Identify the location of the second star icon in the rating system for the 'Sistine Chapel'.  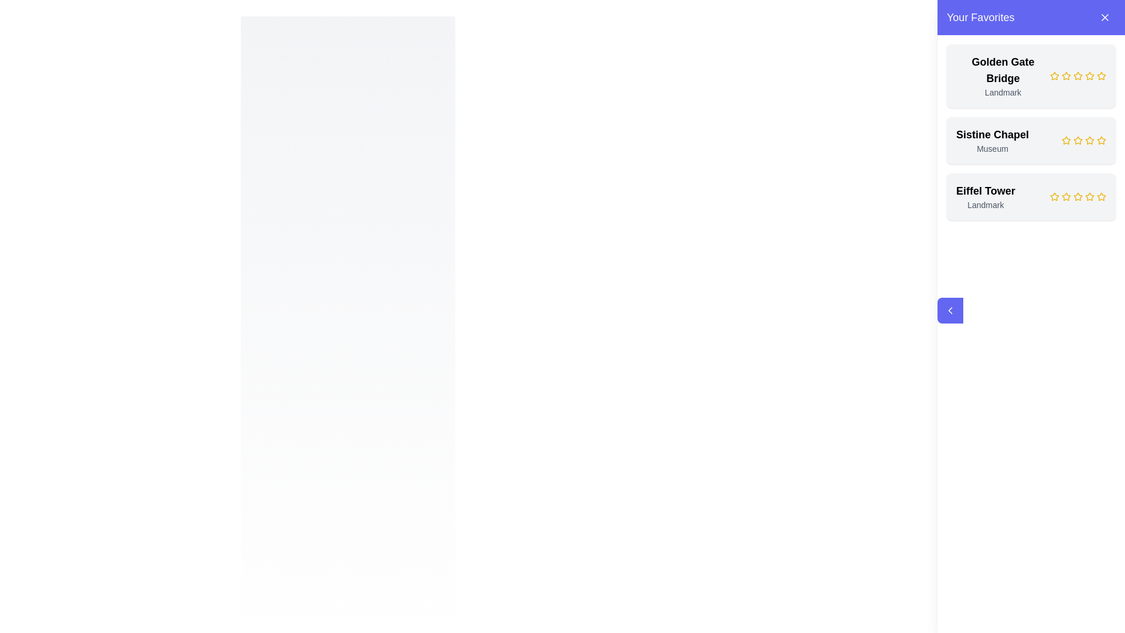
(1078, 139).